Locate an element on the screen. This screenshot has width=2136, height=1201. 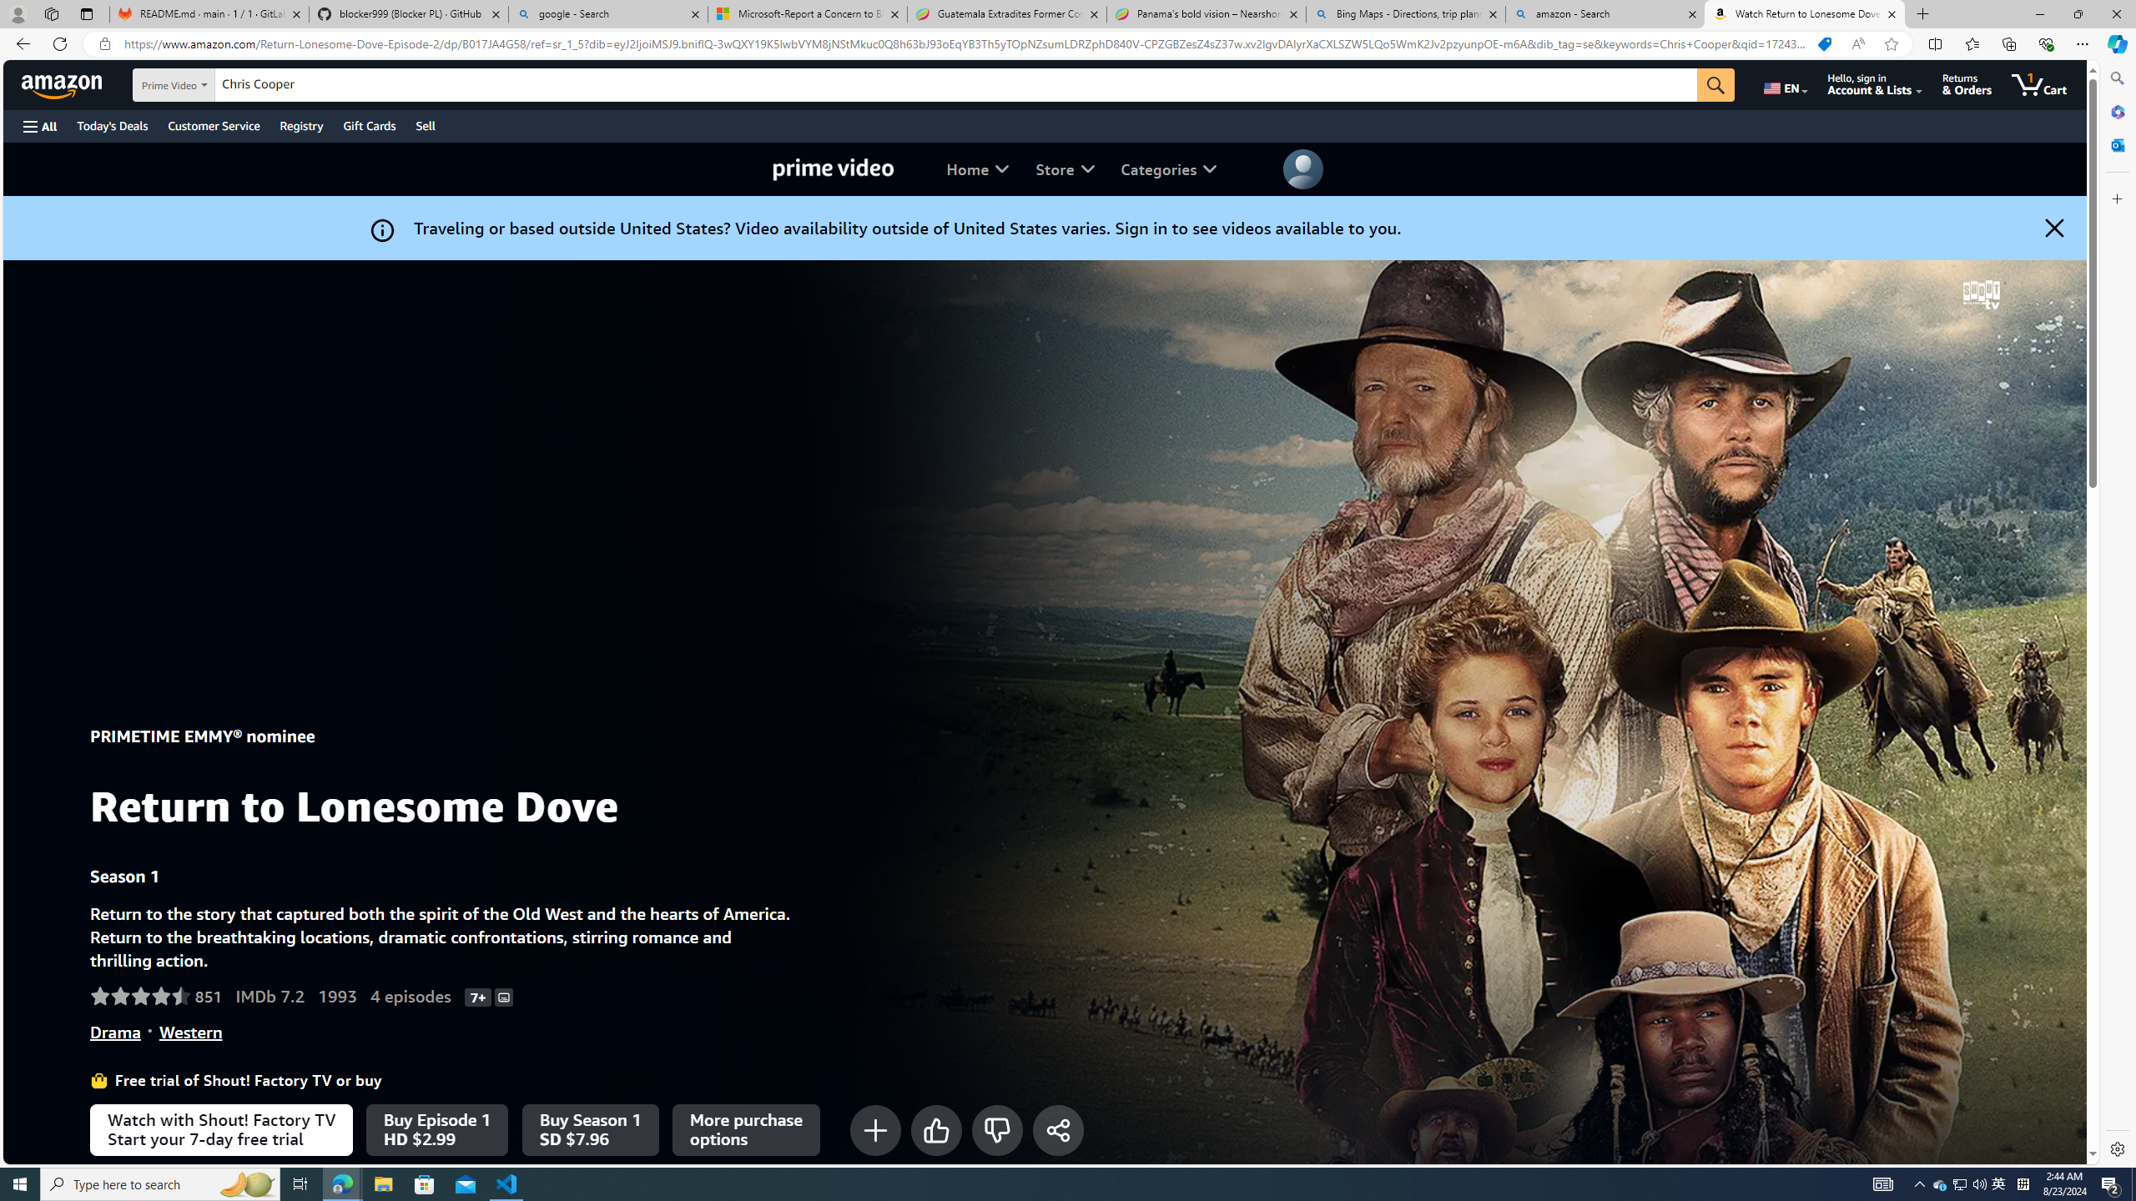
'Not for me' is located at coordinates (996, 1128).